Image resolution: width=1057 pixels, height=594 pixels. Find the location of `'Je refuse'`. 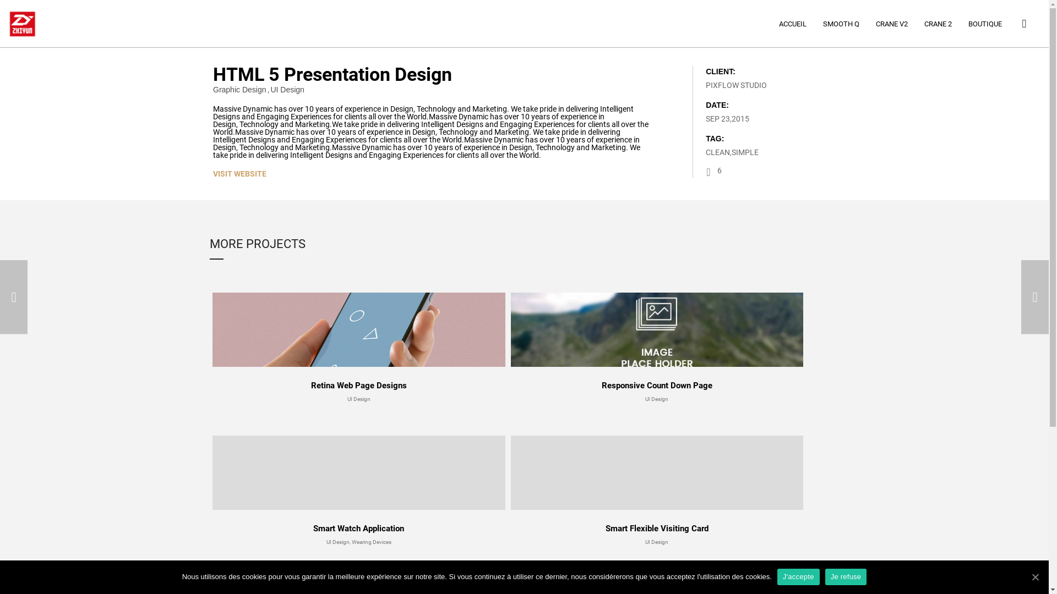

'Je refuse' is located at coordinates (845, 576).